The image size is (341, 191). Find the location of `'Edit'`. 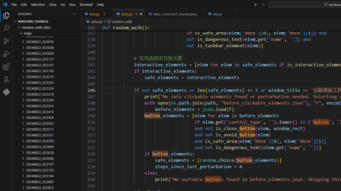

'Edit' is located at coordinates (23, 4).